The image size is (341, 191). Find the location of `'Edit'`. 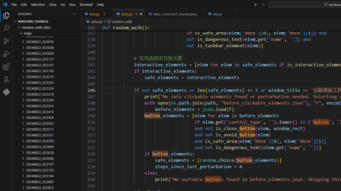

'Edit' is located at coordinates (23, 4).